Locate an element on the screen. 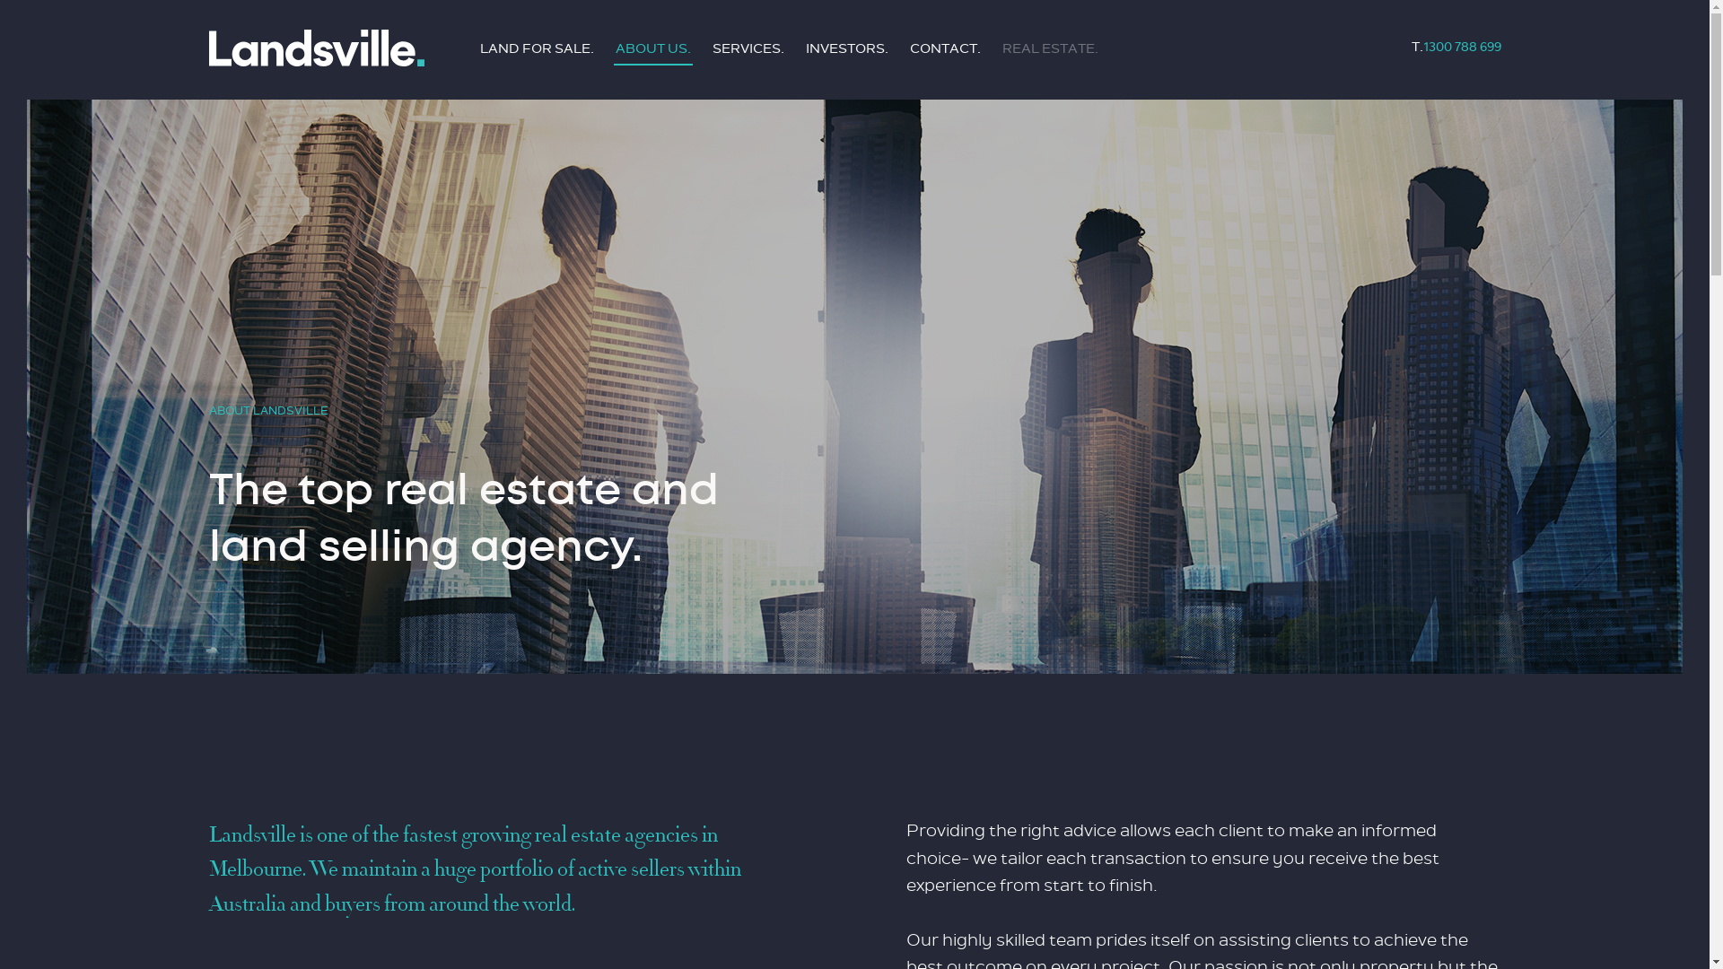 This screenshot has height=969, width=1723. '1300 788 699' is located at coordinates (1462, 46).